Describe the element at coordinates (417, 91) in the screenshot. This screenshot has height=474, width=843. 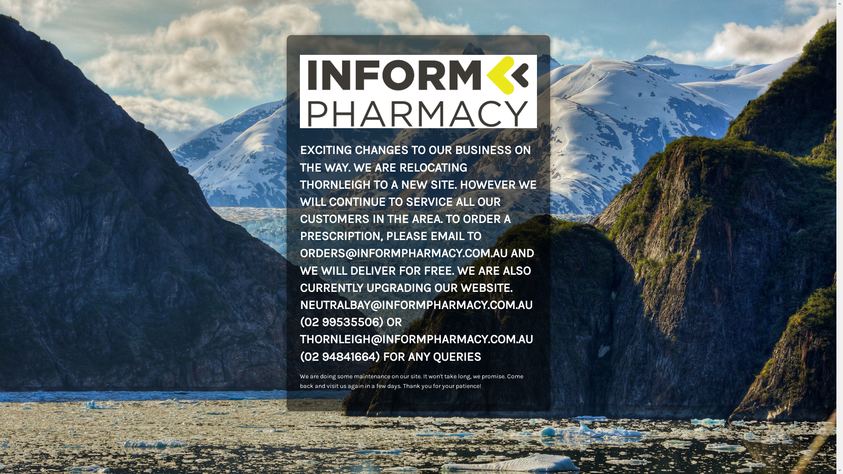
I see `'Inform Compounding Pharmacy'` at that location.